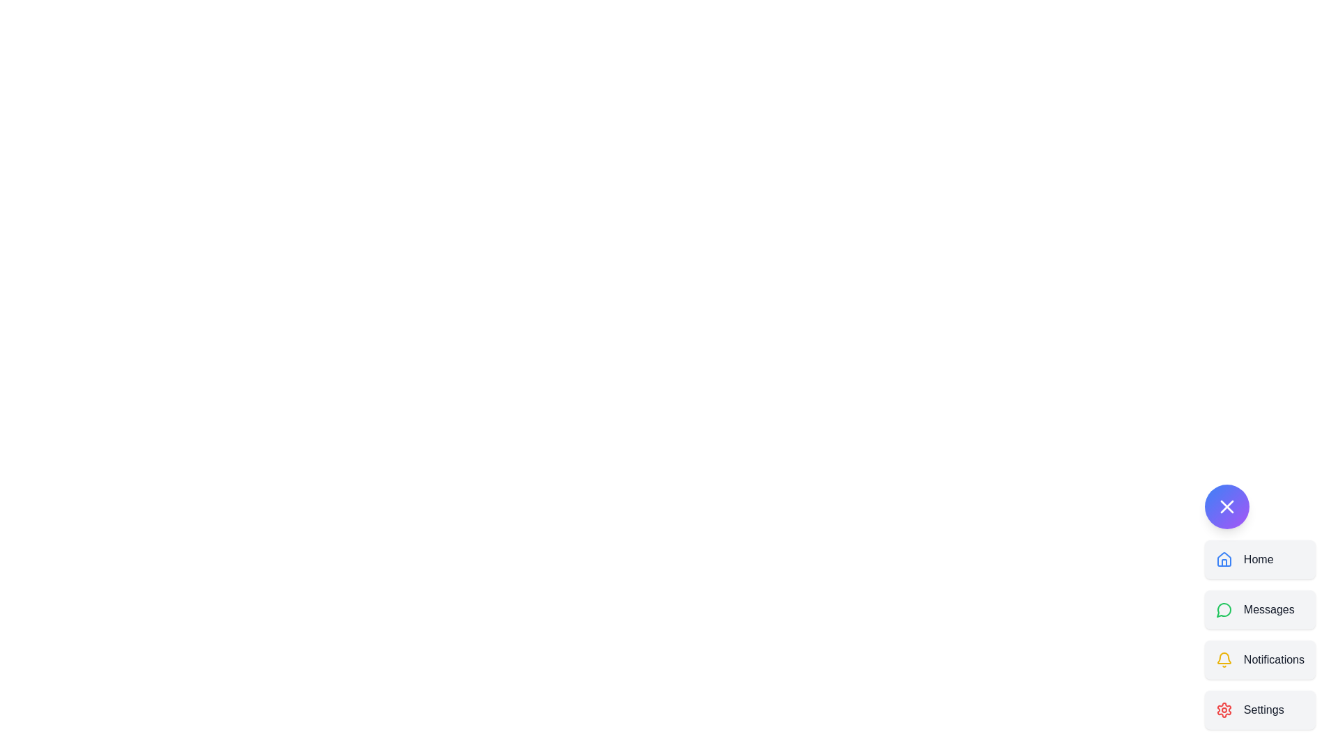 This screenshot has height=752, width=1338. What do you see at coordinates (1260, 710) in the screenshot?
I see `the settings button` at bounding box center [1260, 710].